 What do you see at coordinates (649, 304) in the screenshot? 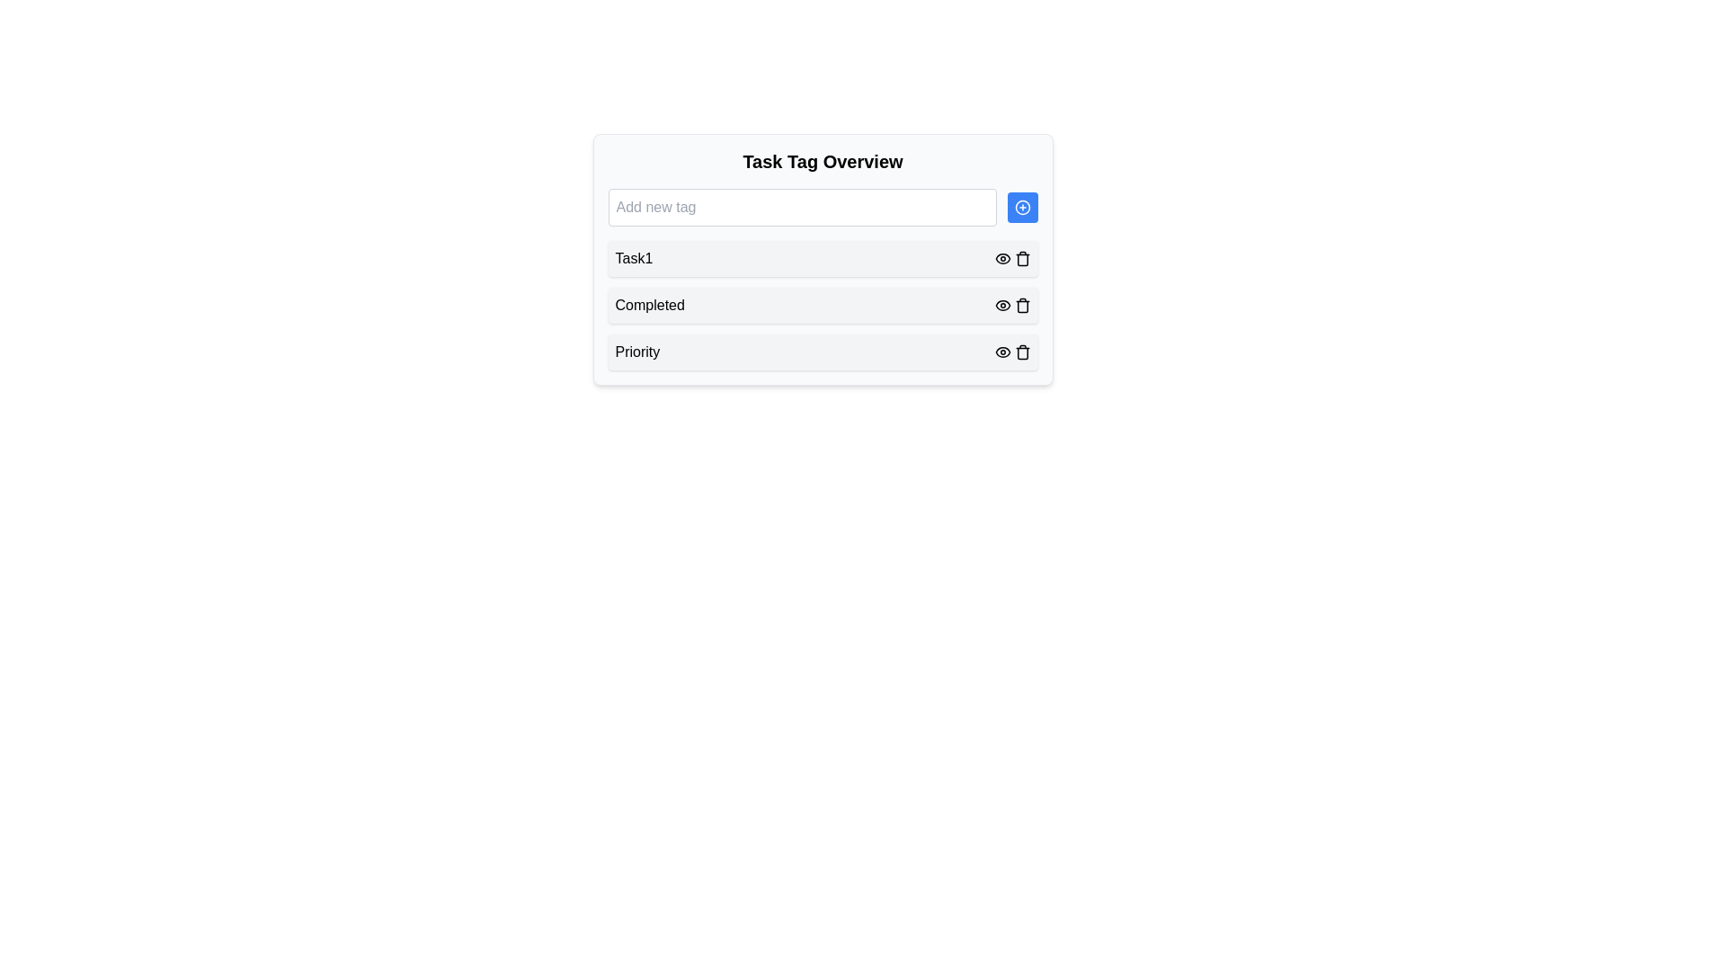
I see `the Text Label that indicates the status or category name in the second row of the 'Task Tag Overview' section, positioned between 'Task1' and 'Priority'` at bounding box center [649, 304].